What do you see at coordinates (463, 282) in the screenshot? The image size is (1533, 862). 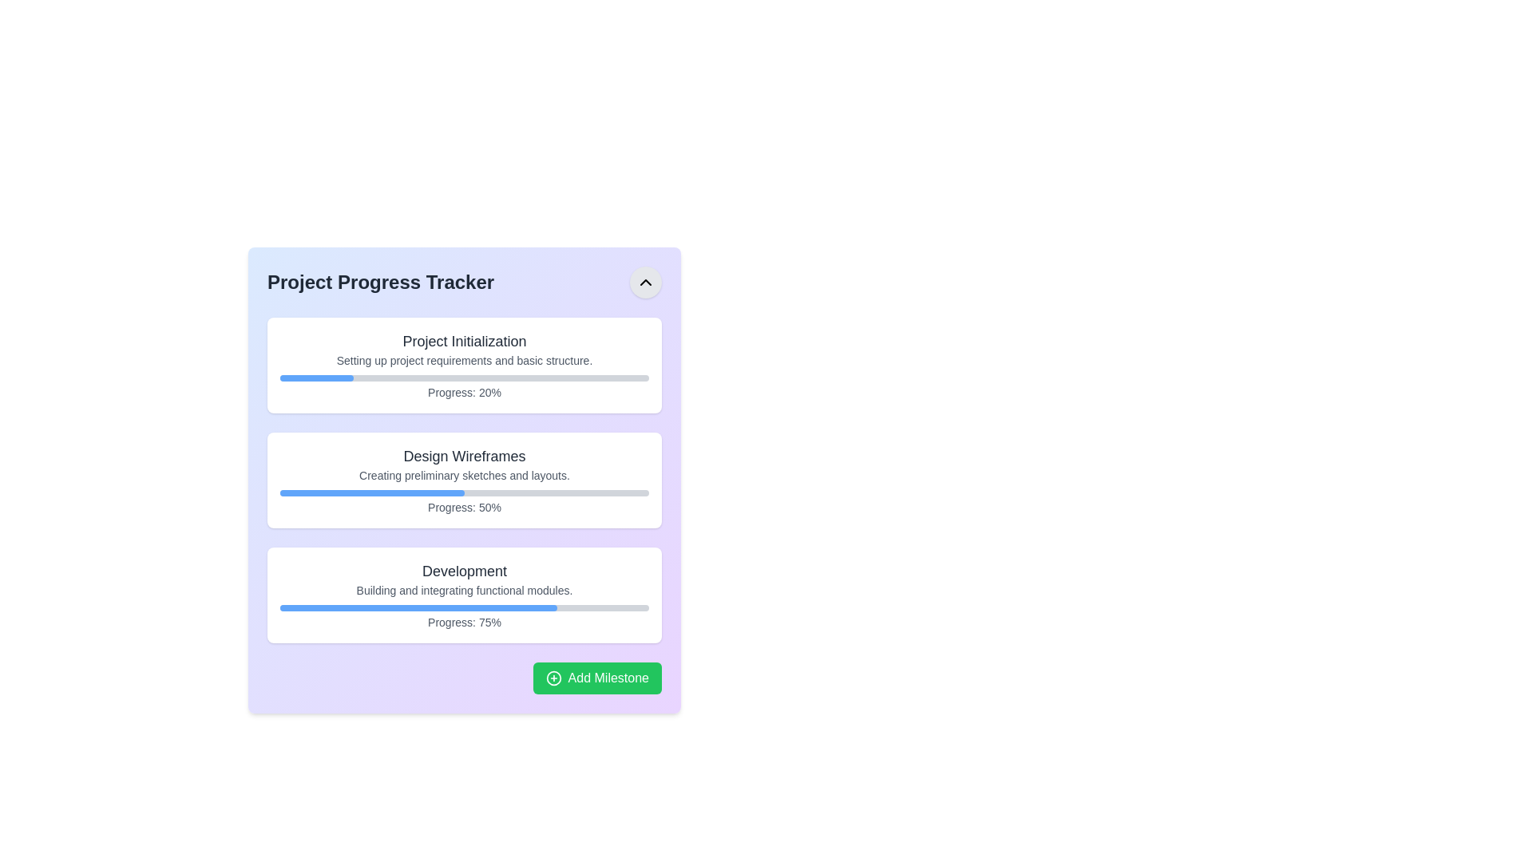 I see `the Section Header titled 'Project Progress Tracker' to emphasize it` at bounding box center [463, 282].